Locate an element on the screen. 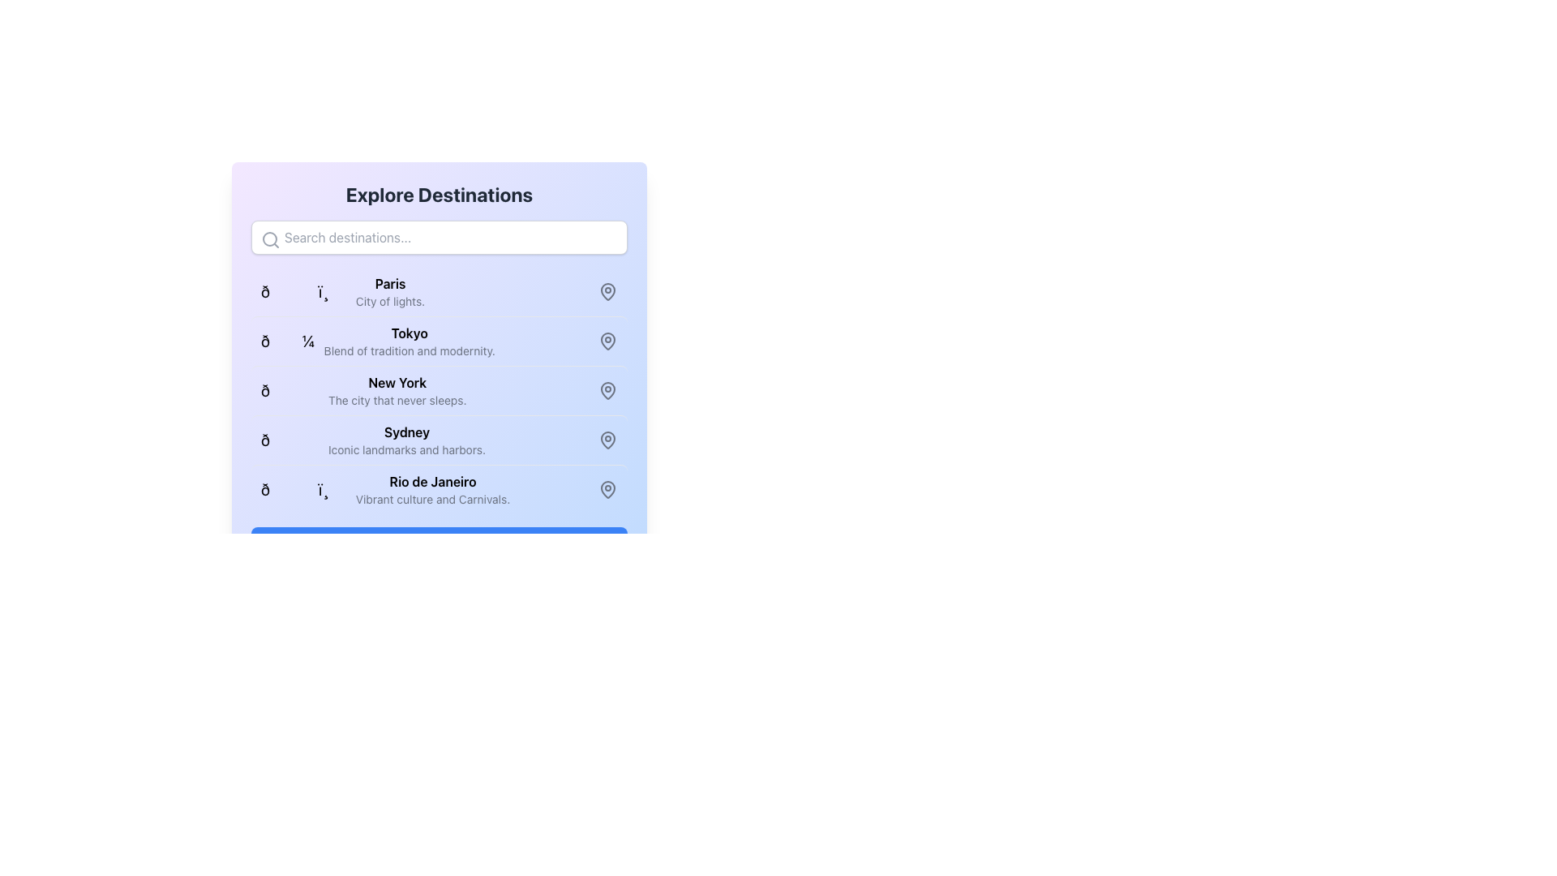 The width and height of the screenshot is (1557, 876). the pin-shaped icon for location representation associated with 'Sydney' in the list item next to 'Iconic landmarks and harbors' is located at coordinates (607, 440).